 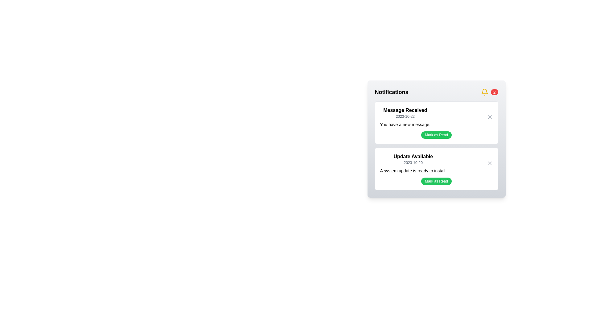 What do you see at coordinates (436, 146) in the screenshot?
I see `the 'Mark as Read' button within the Notification block located in the Notifications panel to read the notification message` at bounding box center [436, 146].